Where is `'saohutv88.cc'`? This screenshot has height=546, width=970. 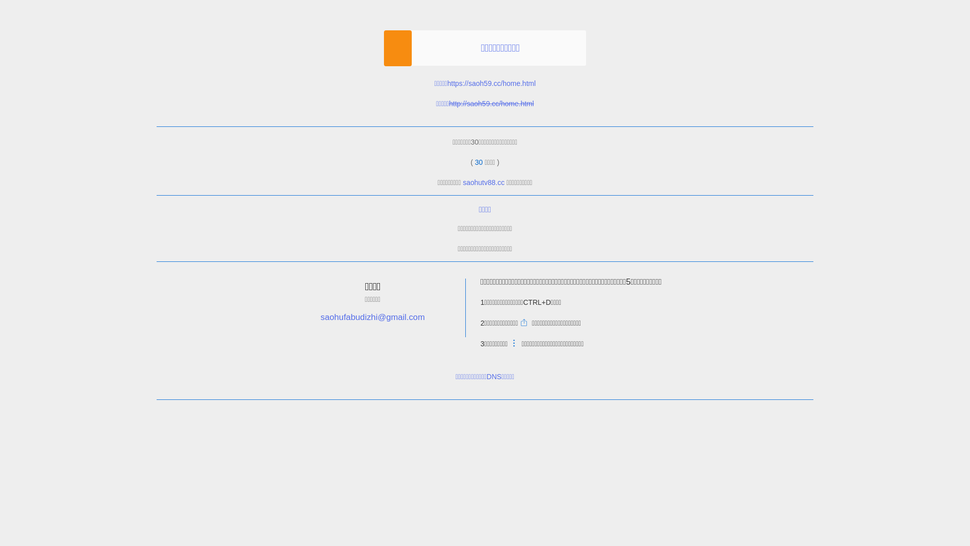
'saohutv88.cc' is located at coordinates (483, 183).